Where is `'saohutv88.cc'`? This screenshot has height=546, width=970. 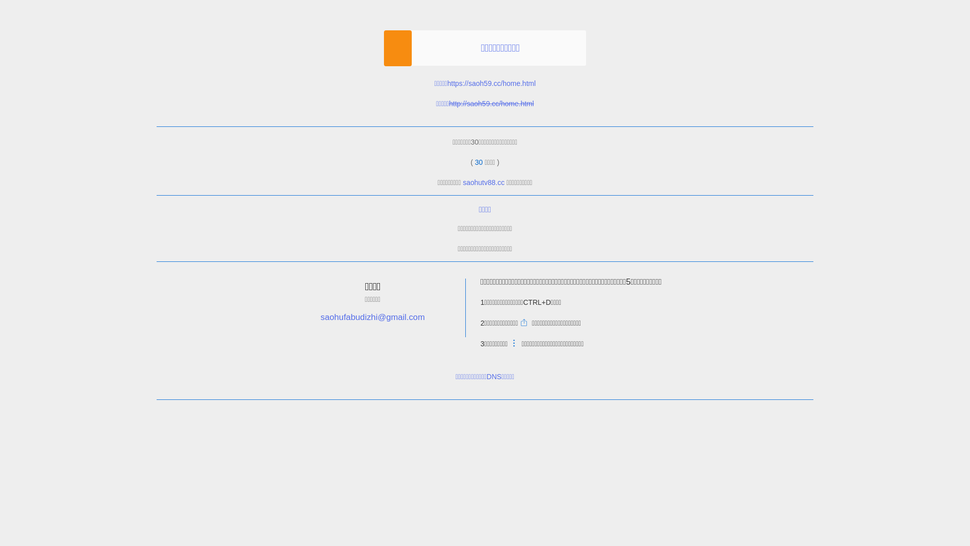
'saohutv88.cc' is located at coordinates (483, 183).